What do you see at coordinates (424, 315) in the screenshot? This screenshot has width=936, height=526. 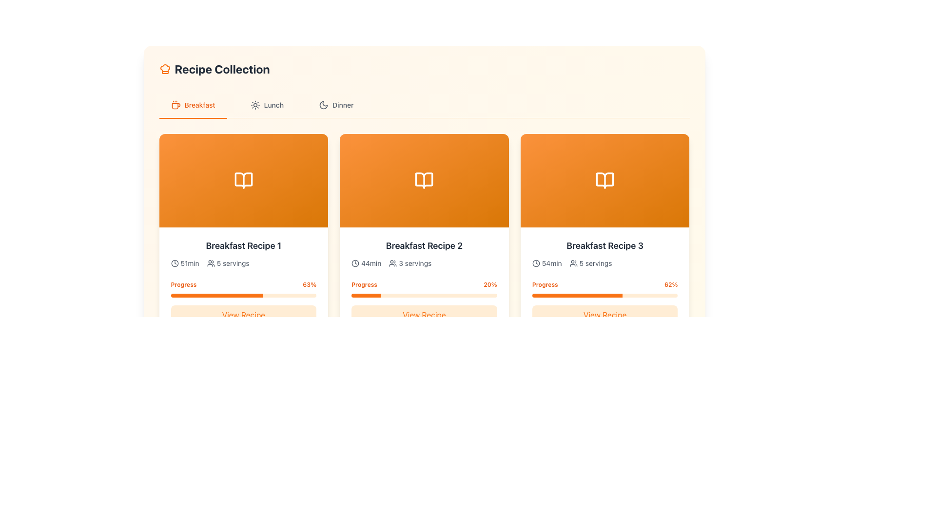 I see `the button located at the bottom section of the card for 'Breakfast Recipe 2'` at bounding box center [424, 315].